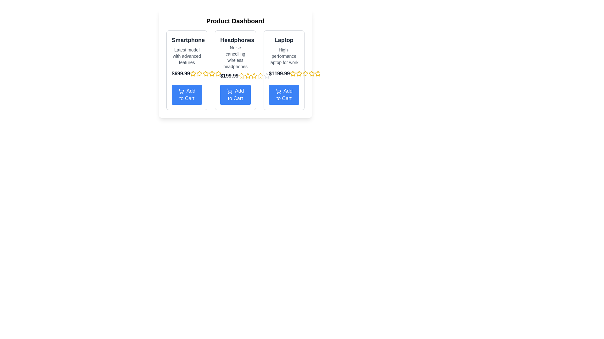 The width and height of the screenshot is (604, 339). I want to click on the text 'Laptop' which is styled in bold, dark gray color on a white background, located at the top of the rightmost product card titled 'High-performance laptop for work', so click(283, 40).